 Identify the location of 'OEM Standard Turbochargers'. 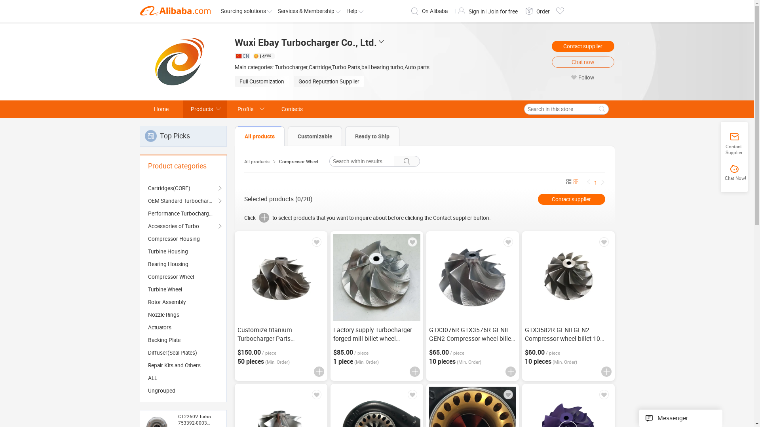
(148, 200).